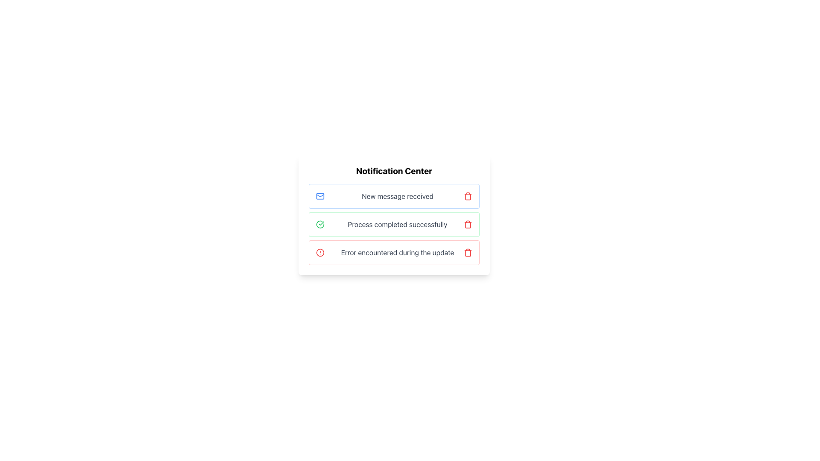 This screenshot has height=461, width=820. What do you see at coordinates (467, 225) in the screenshot?
I see `the trash can base representation element in the Notification Center, which indicates the delete option for the 'Process completed successfully' notification` at bounding box center [467, 225].